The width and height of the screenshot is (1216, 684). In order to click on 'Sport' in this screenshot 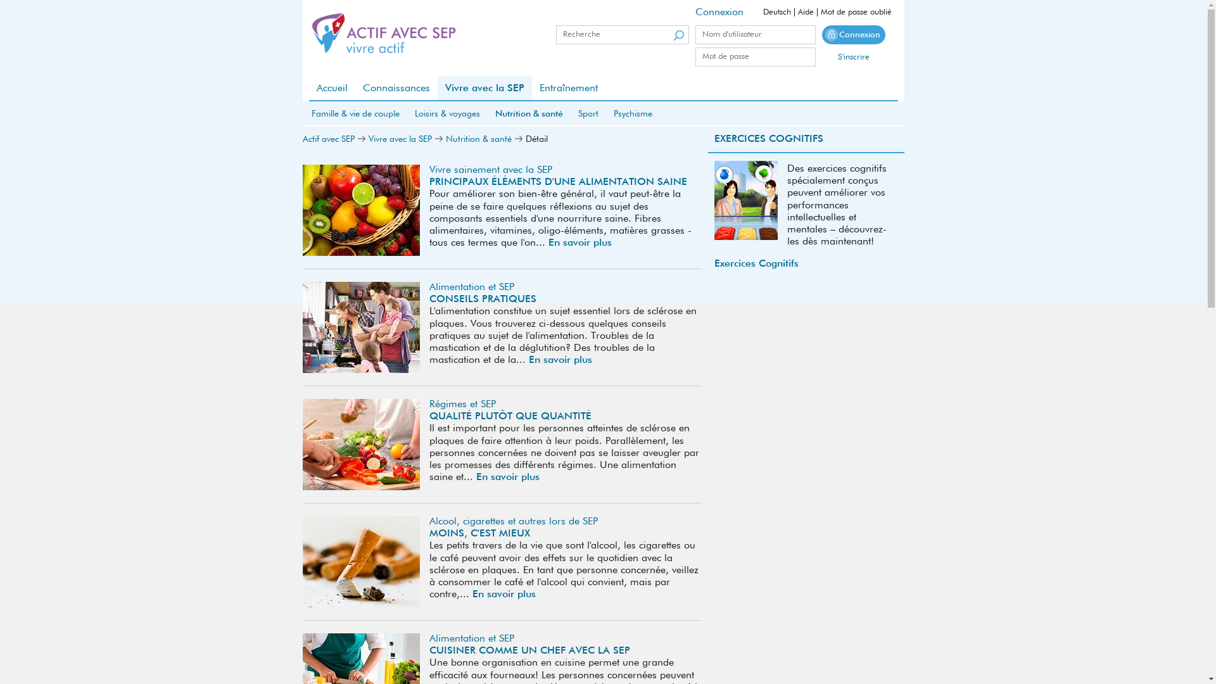, I will do `click(586, 114)`.